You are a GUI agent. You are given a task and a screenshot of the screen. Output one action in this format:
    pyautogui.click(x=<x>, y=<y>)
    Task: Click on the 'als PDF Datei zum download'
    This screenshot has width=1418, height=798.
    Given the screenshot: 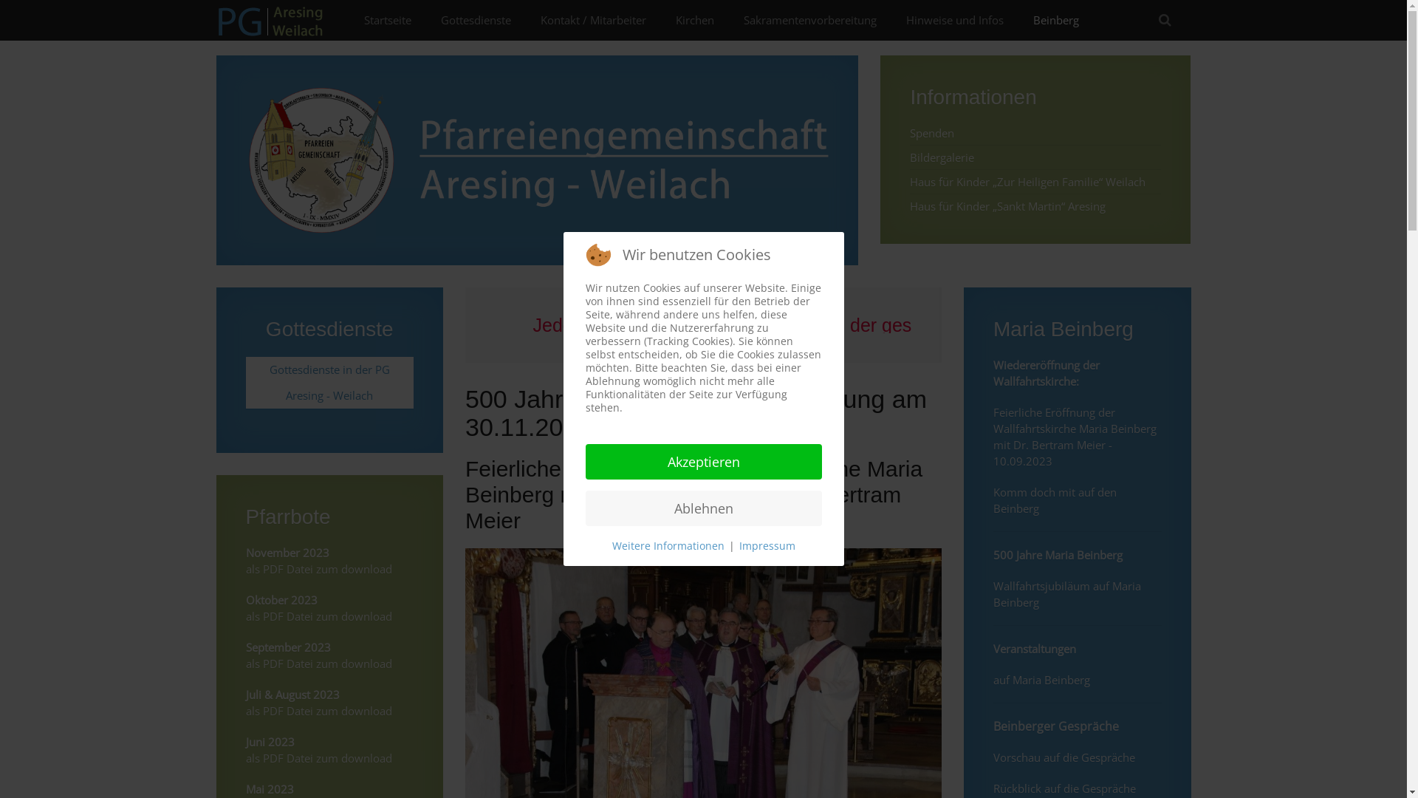 What is the action you would take?
    pyautogui.click(x=318, y=709)
    